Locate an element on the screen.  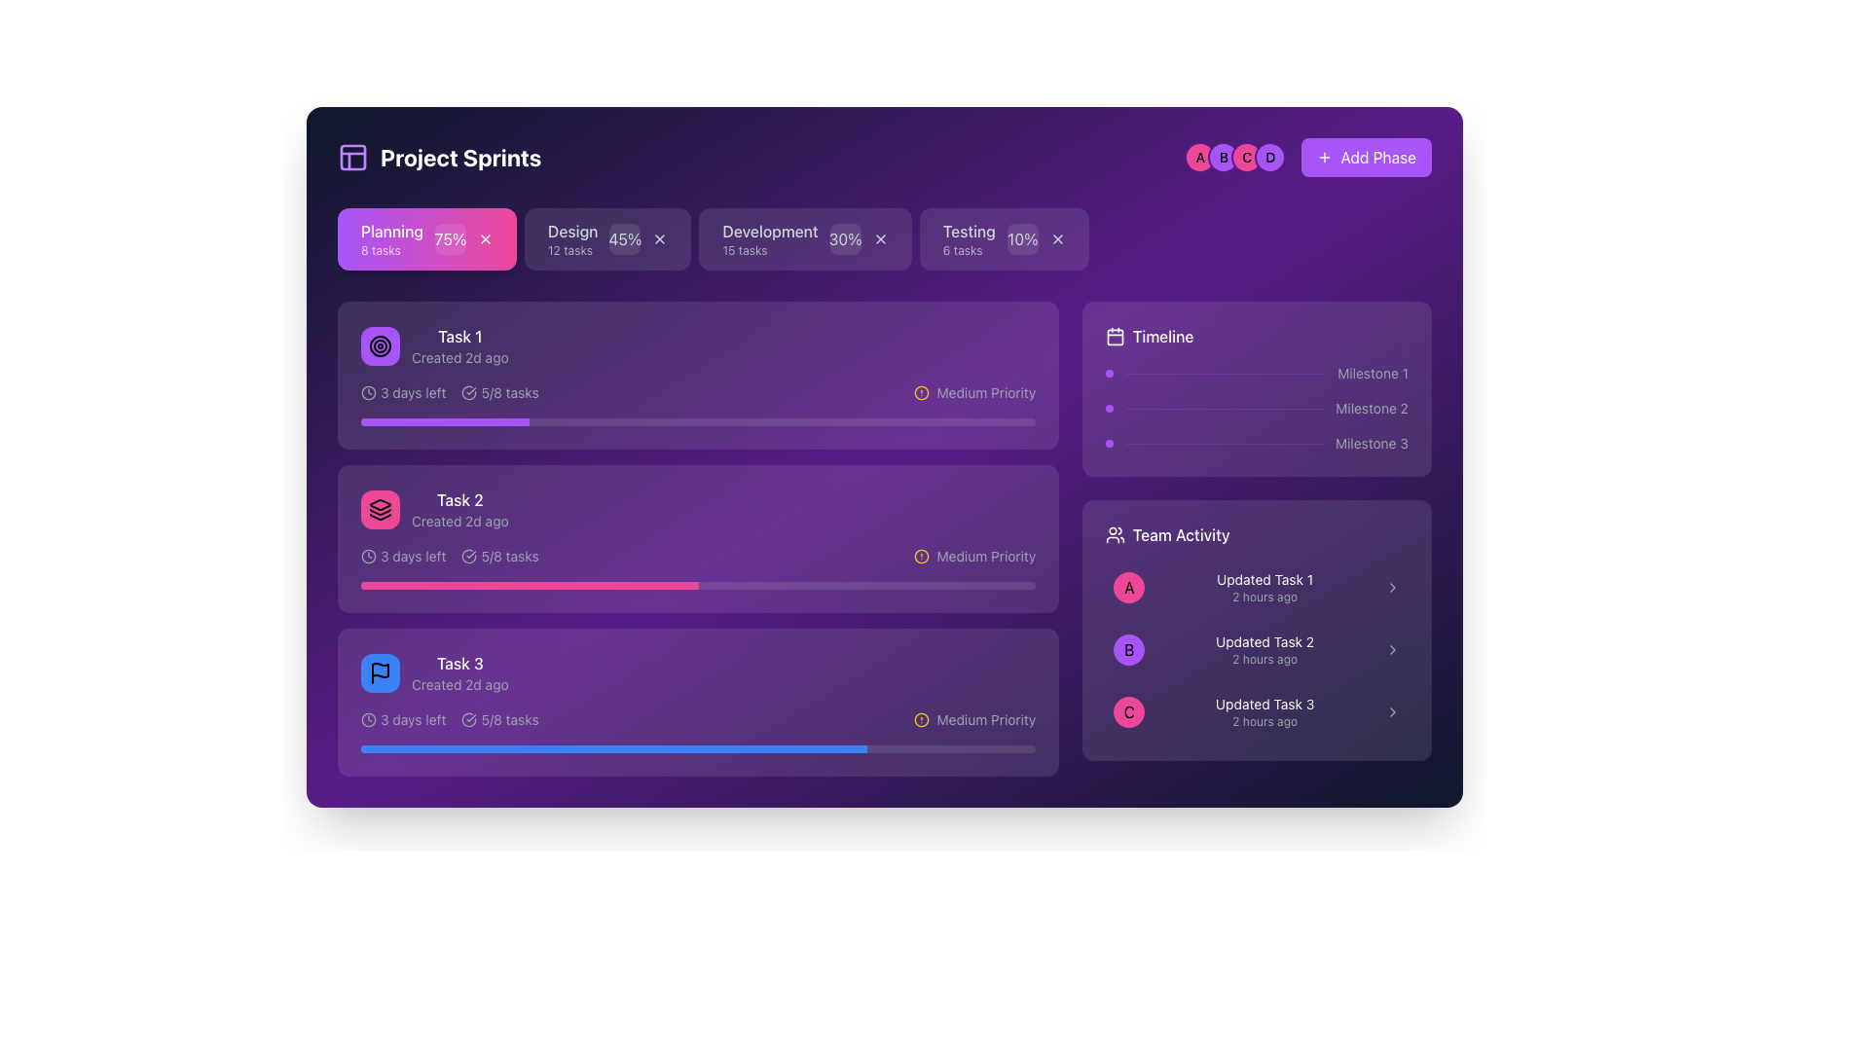
the medium priority icon located to the left of the 'Medium Priority' text in Task 1 of the 'Project Sprints' interface is located at coordinates (920, 393).